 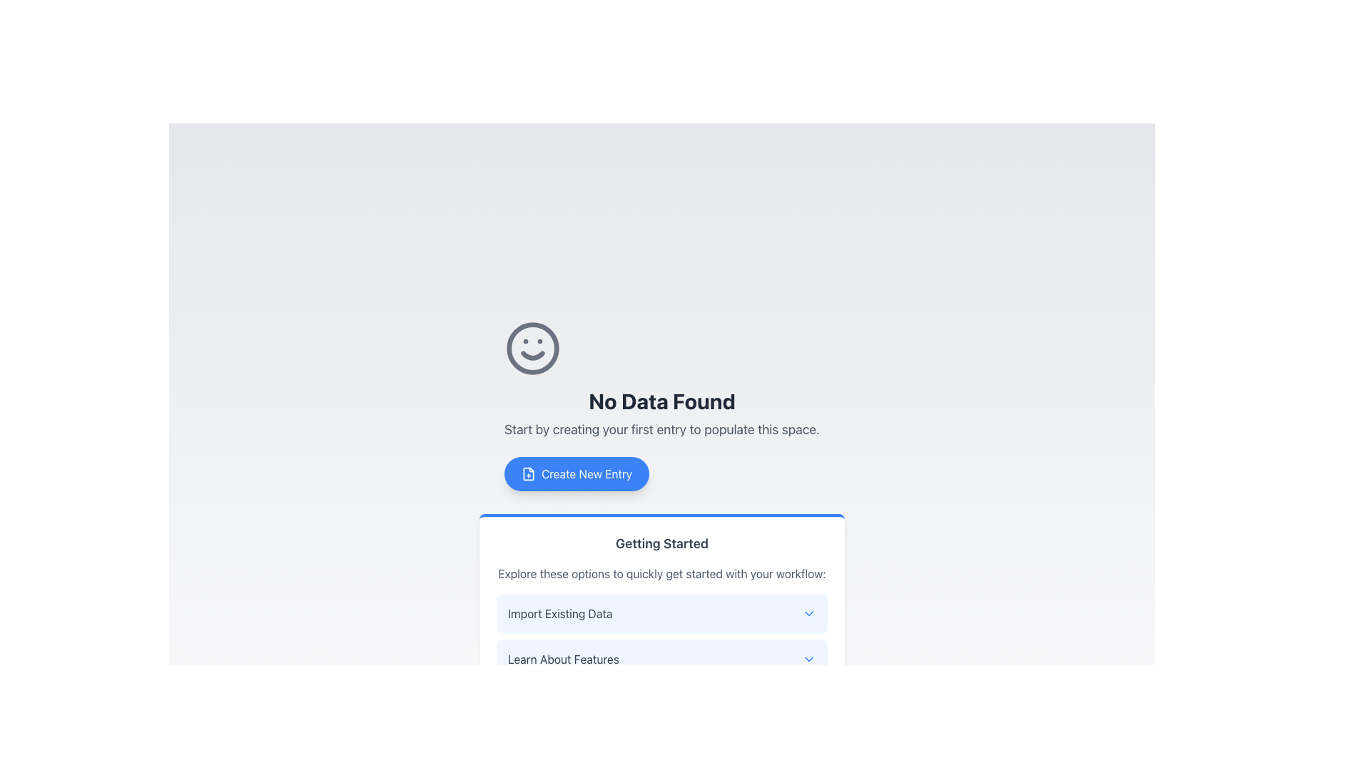 What do you see at coordinates (562, 659) in the screenshot?
I see `the text label reading 'Learn About Features', which is styled with a smaller font and gray color, located under the 'Getting Started' section` at bounding box center [562, 659].